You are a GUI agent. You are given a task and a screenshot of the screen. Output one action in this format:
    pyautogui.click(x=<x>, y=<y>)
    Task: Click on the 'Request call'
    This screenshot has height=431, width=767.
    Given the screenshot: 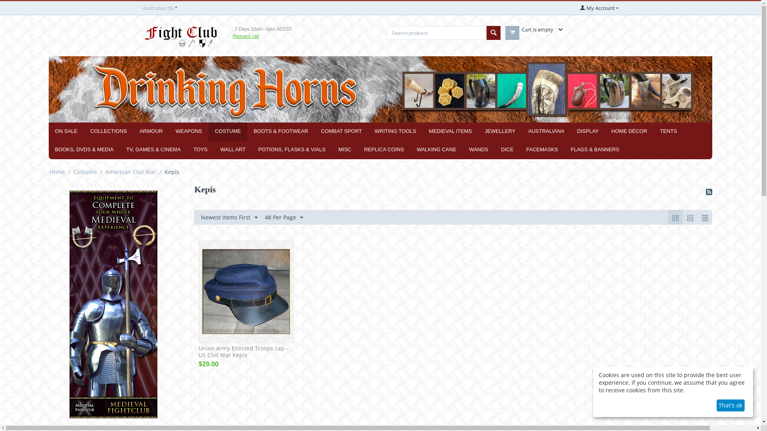 What is the action you would take?
    pyautogui.click(x=245, y=36)
    